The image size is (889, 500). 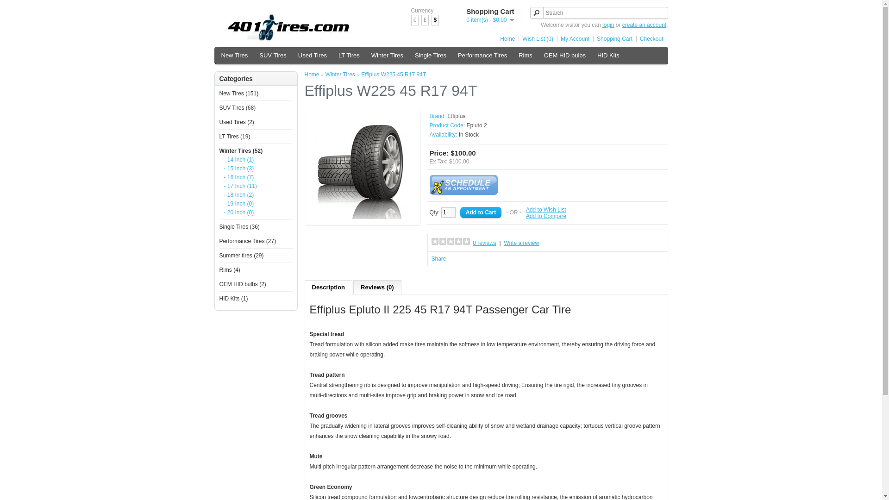 What do you see at coordinates (272, 55) in the screenshot?
I see `'SUV Tires'` at bounding box center [272, 55].